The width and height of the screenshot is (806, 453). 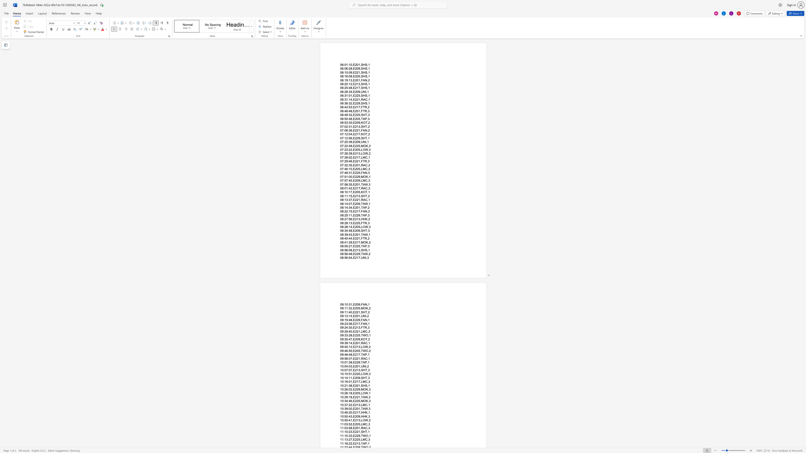 What do you see at coordinates (342, 354) in the screenshot?
I see `the subset text "9:48:4" within the text "09:48:48,E217,TAP,1"` at bounding box center [342, 354].